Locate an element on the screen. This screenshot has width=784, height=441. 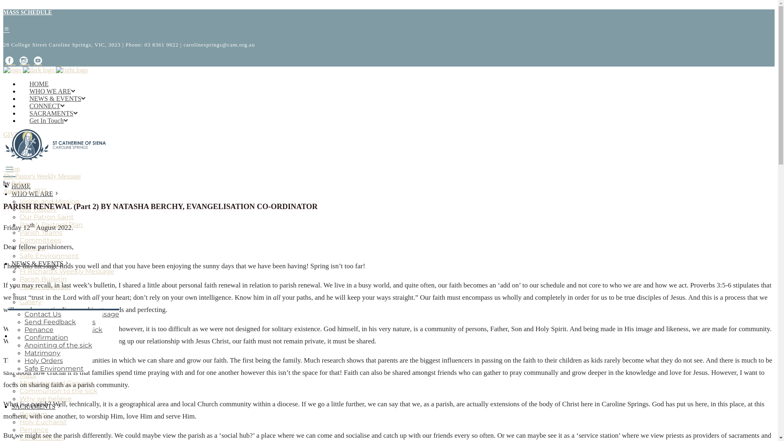
'Gallery' is located at coordinates (20, 302).